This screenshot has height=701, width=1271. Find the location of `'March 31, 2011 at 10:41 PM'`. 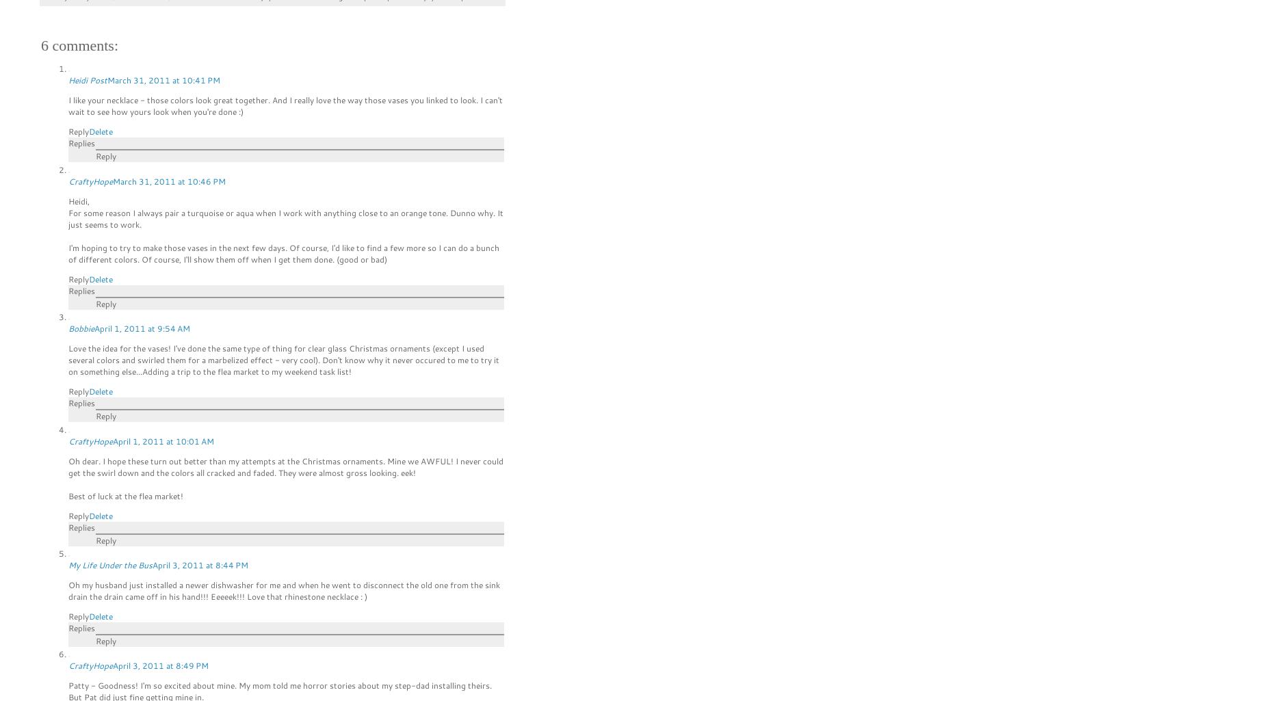

'March 31, 2011 at 10:41 PM' is located at coordinates (163, 80).